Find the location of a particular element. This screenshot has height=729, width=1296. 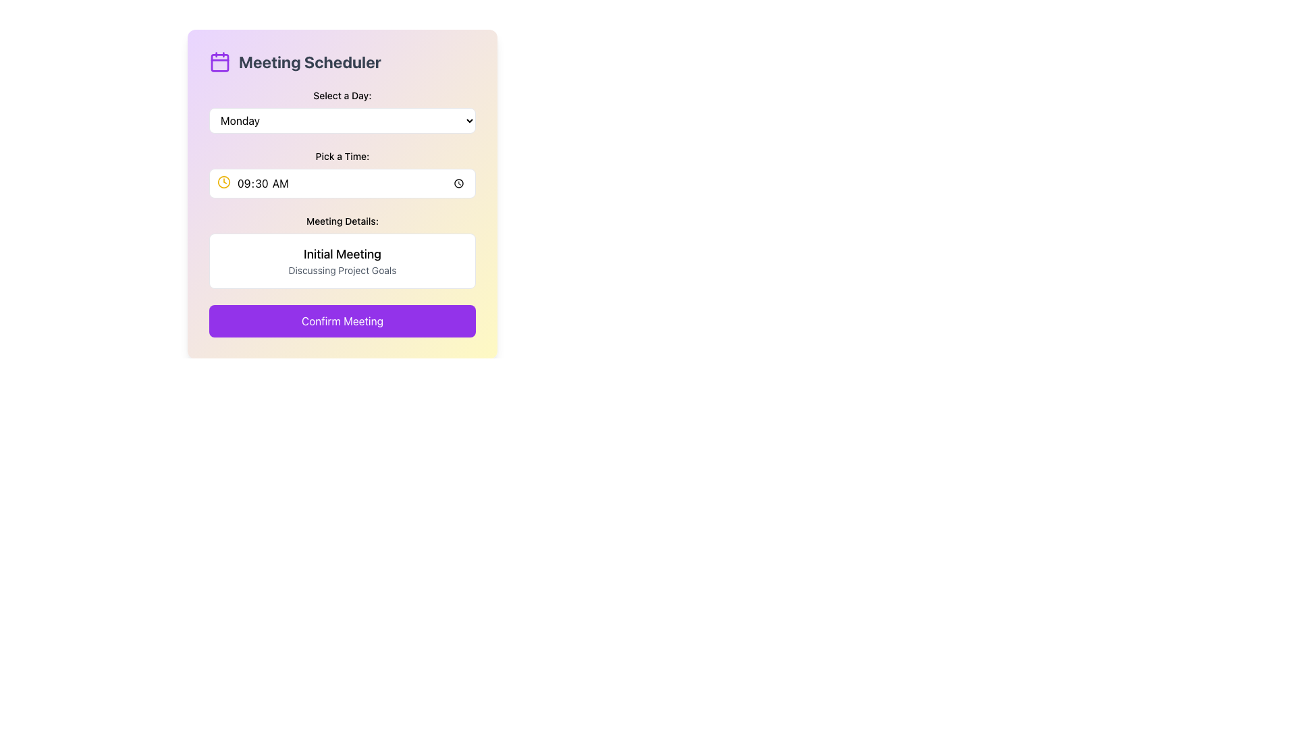

the time input field associated with the small yellow clock-shaped icon located near the text '09:30 AM' in the 'Pick a Time:' section is located at coordinates (223, 182).